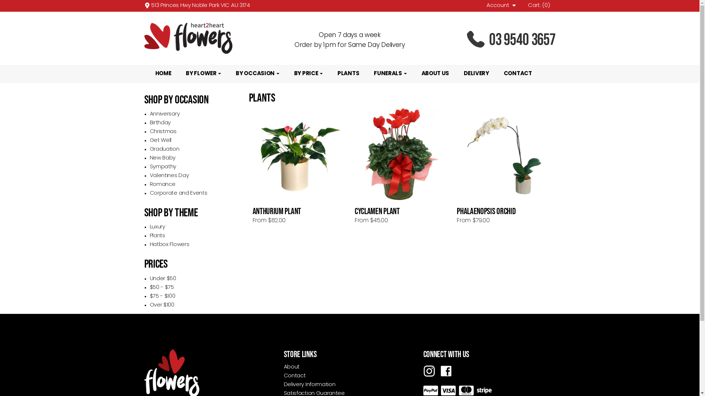  What do you see at coordinates (445, 371) in the screenshot?
I see `'facebook'` at bounding box center [445, 371].